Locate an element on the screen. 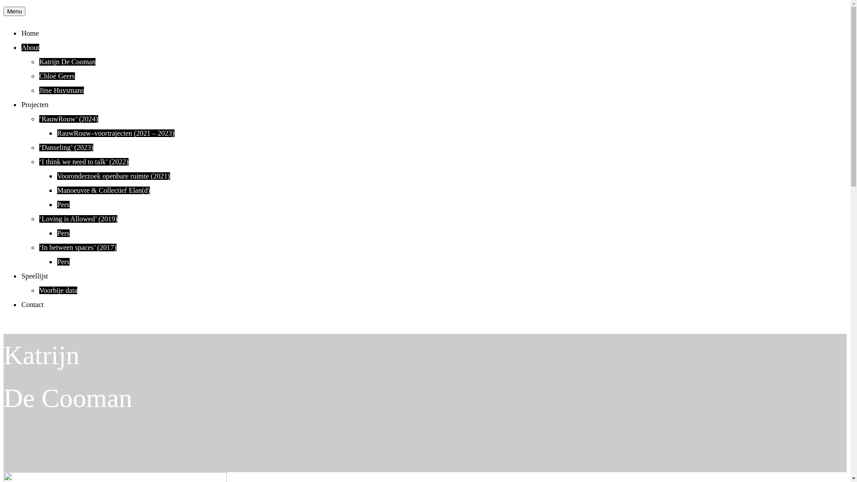 This screenshot has height=482, width=857. 'Manoeuvre & Collectief Elan(d)' is located at coordinates (103, 190).